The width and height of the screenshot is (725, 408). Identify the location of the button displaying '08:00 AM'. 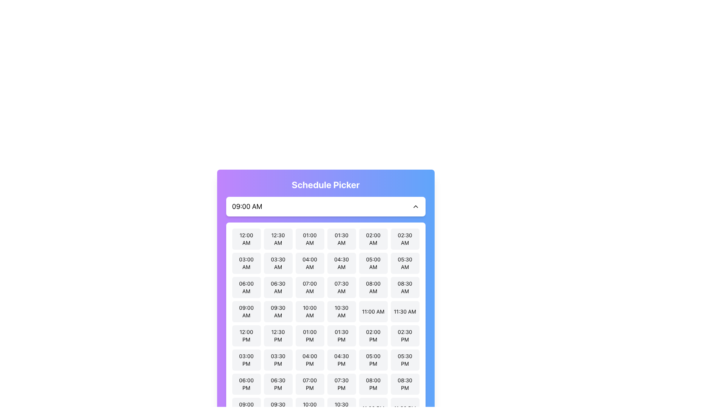
(373, 287).